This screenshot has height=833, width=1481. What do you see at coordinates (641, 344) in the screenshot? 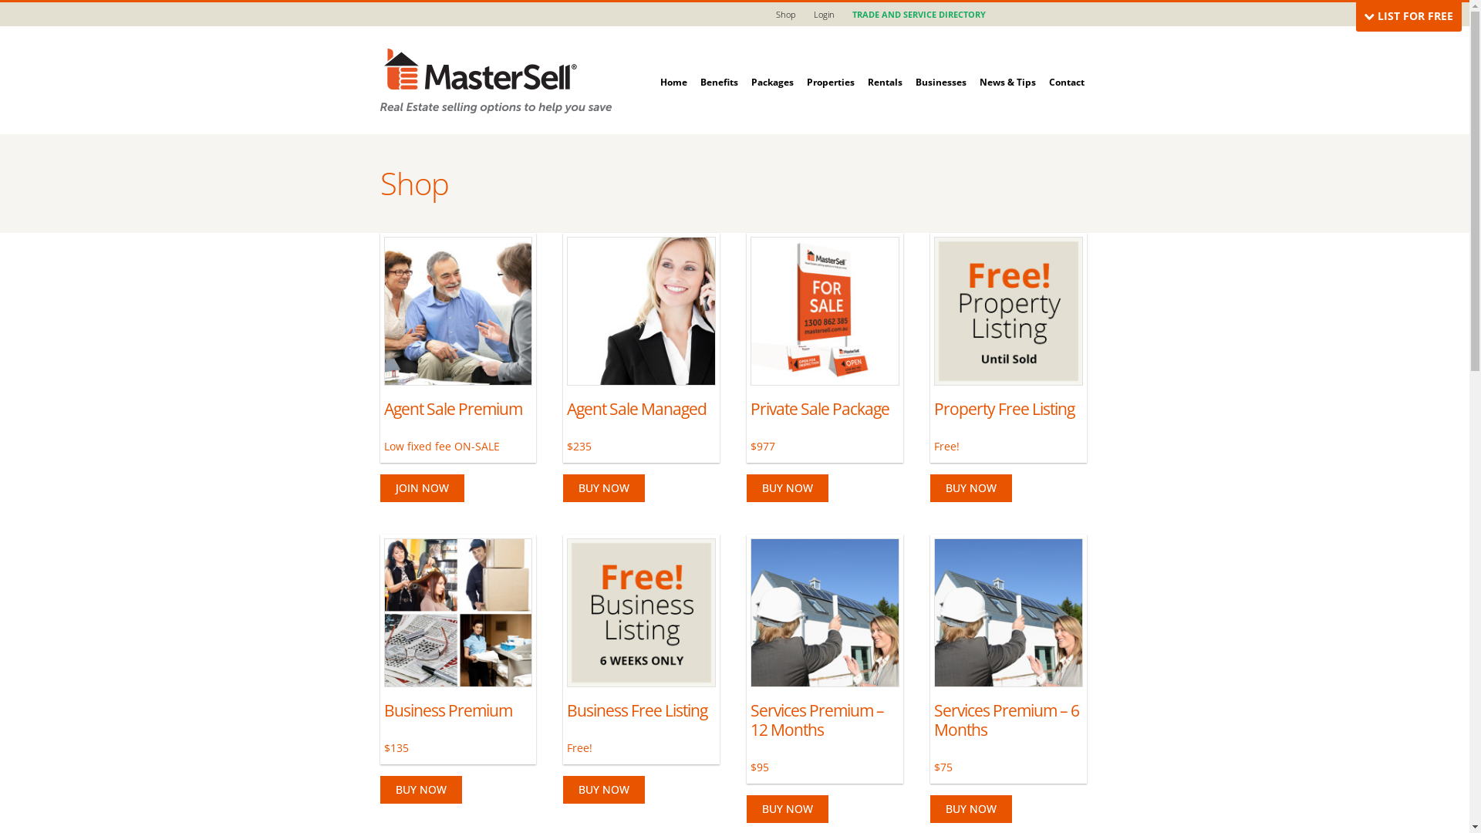
I see `'Agent Sale Managed` at bounding box center [641, 344].